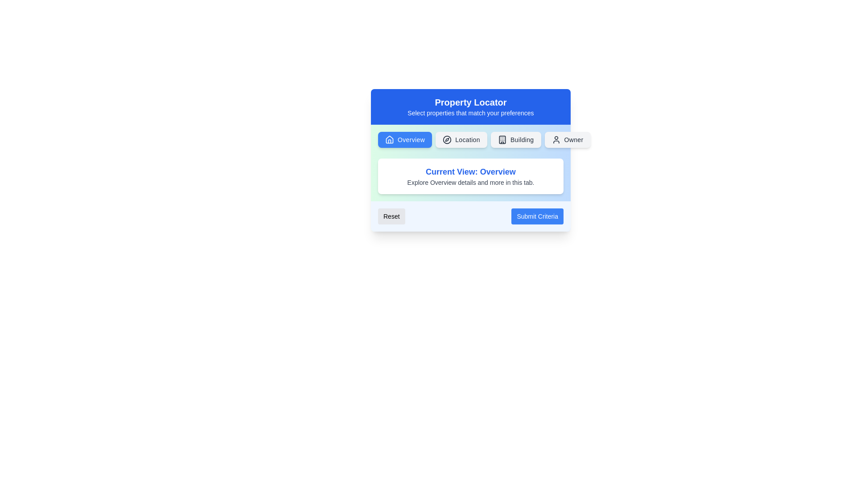  I want to click on the second text label within the blue rectangular section at the top of the interface, located directly below the 'Property Locator' title, so click(470, 113).